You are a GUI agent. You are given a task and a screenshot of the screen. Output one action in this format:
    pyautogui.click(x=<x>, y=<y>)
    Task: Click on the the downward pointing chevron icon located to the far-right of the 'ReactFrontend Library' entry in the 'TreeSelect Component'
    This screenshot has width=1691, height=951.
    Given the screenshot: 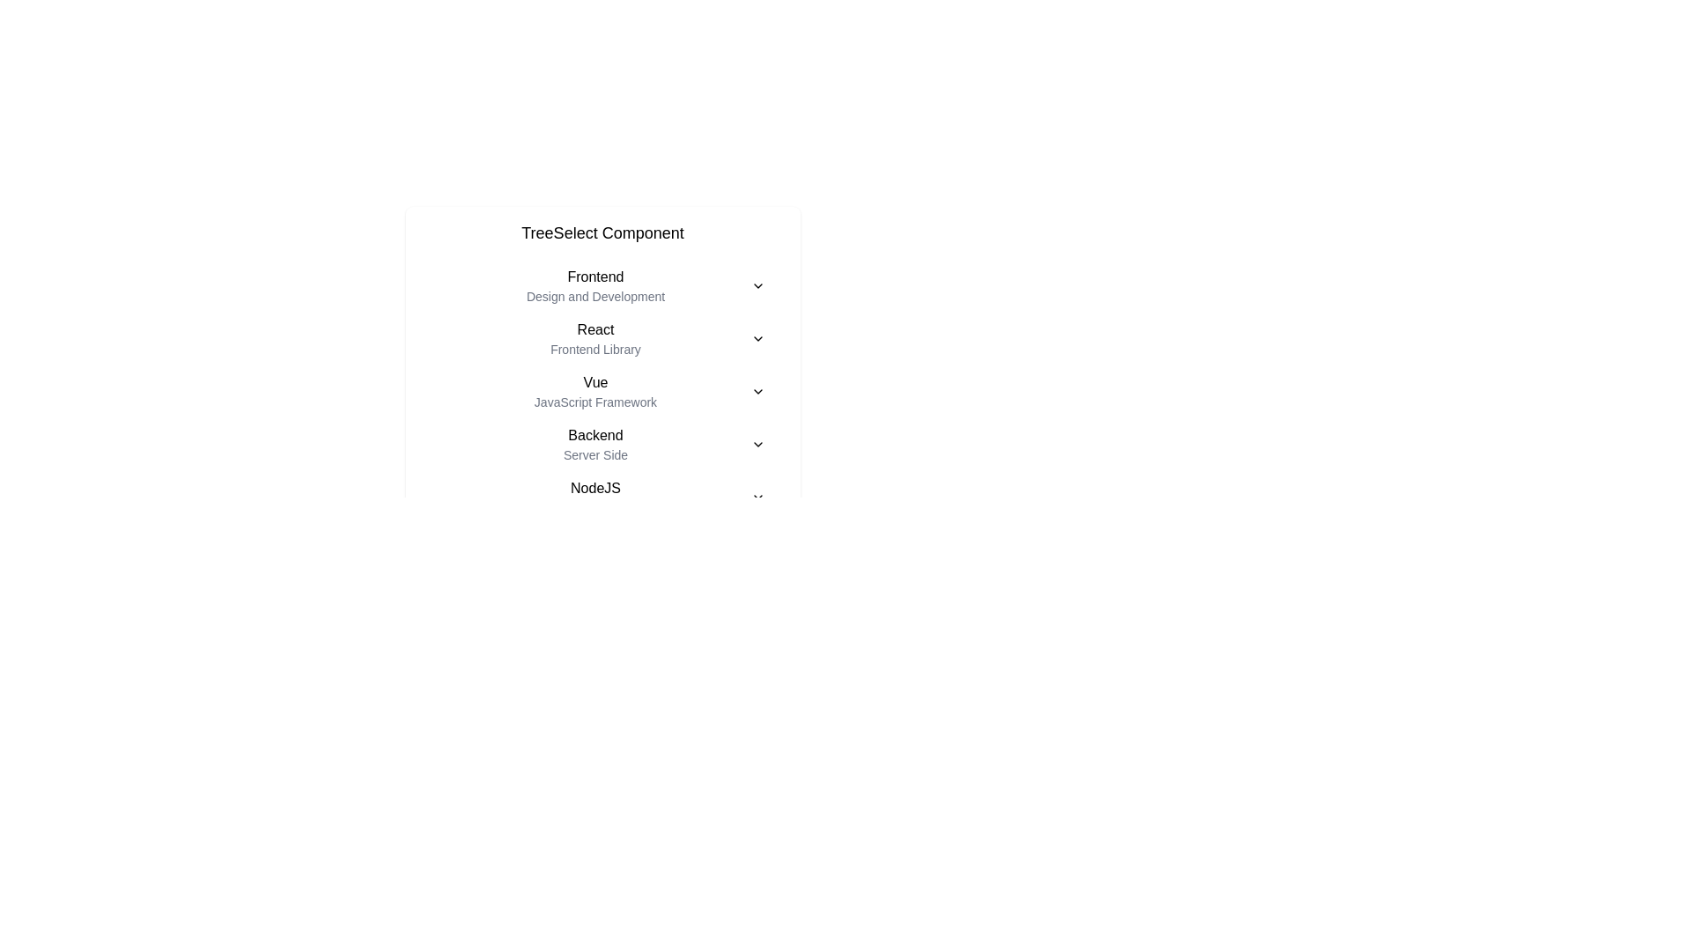 What is the action you would take?
    pyautogui.click(x=757, y=339)
    